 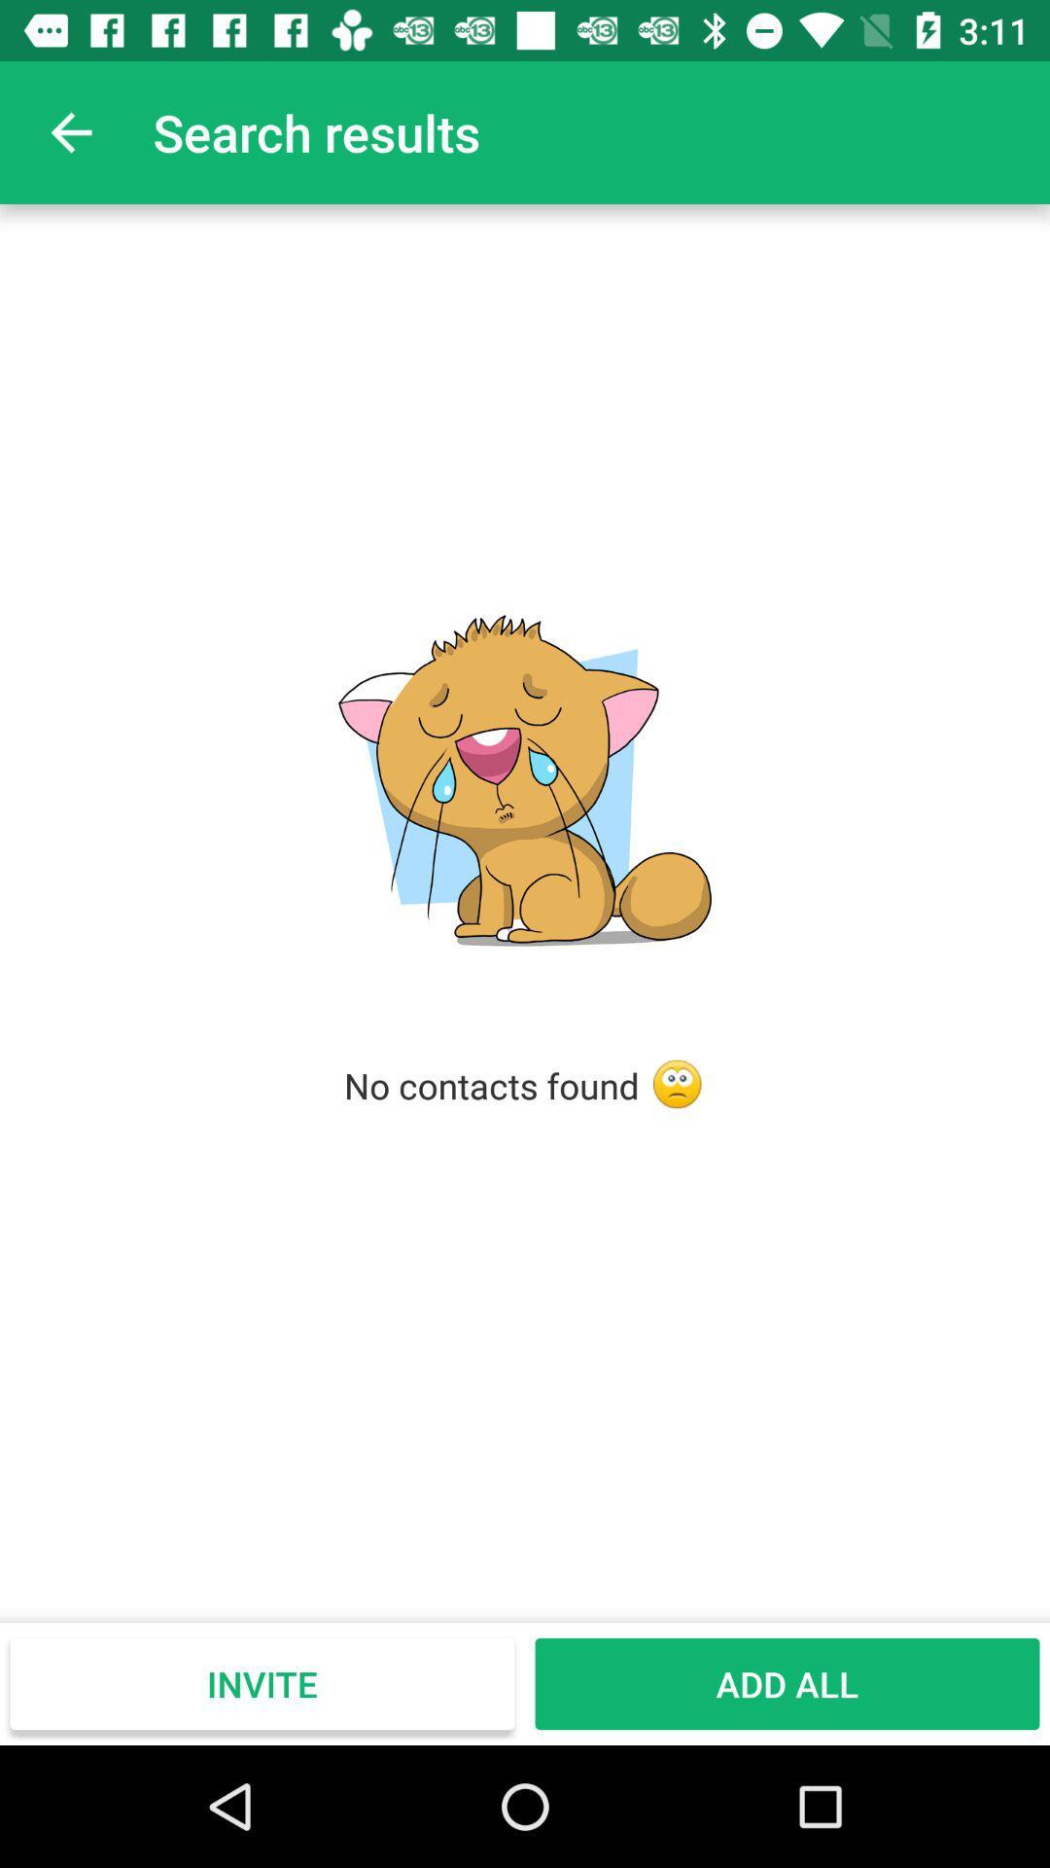 I want to click on the invite item, so click(x=262, y=1683).